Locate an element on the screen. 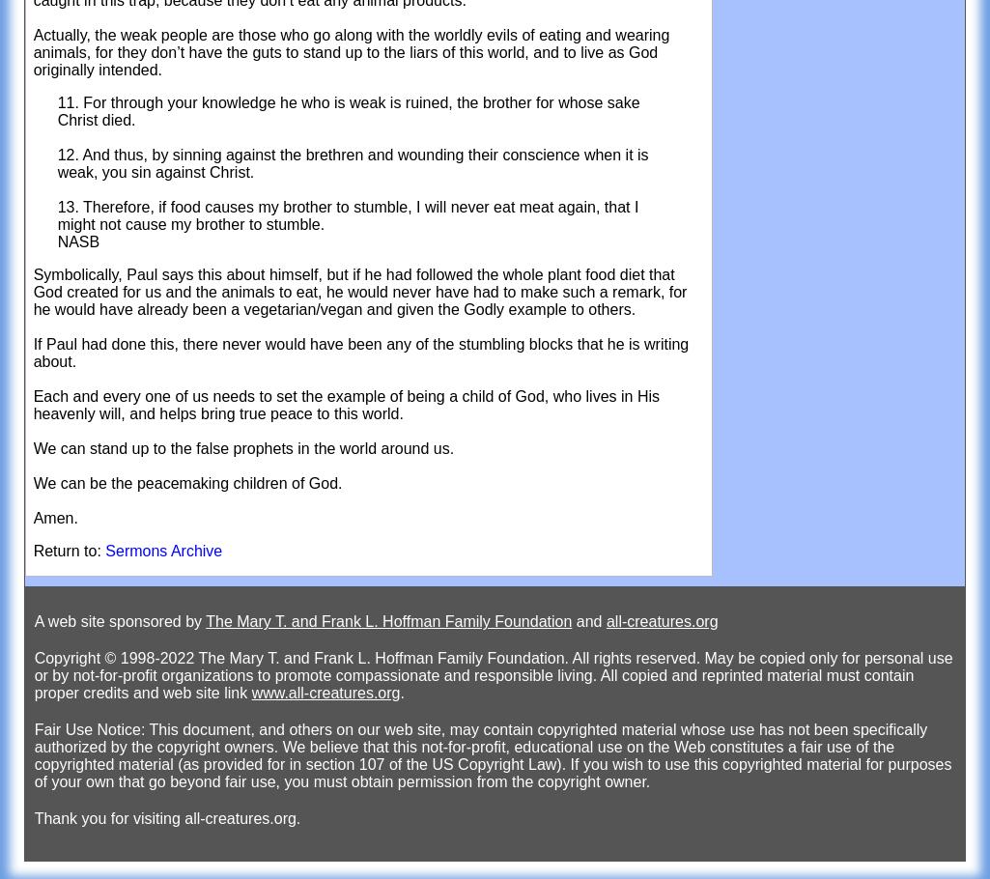  'and' is located at coordinates (572, 621).